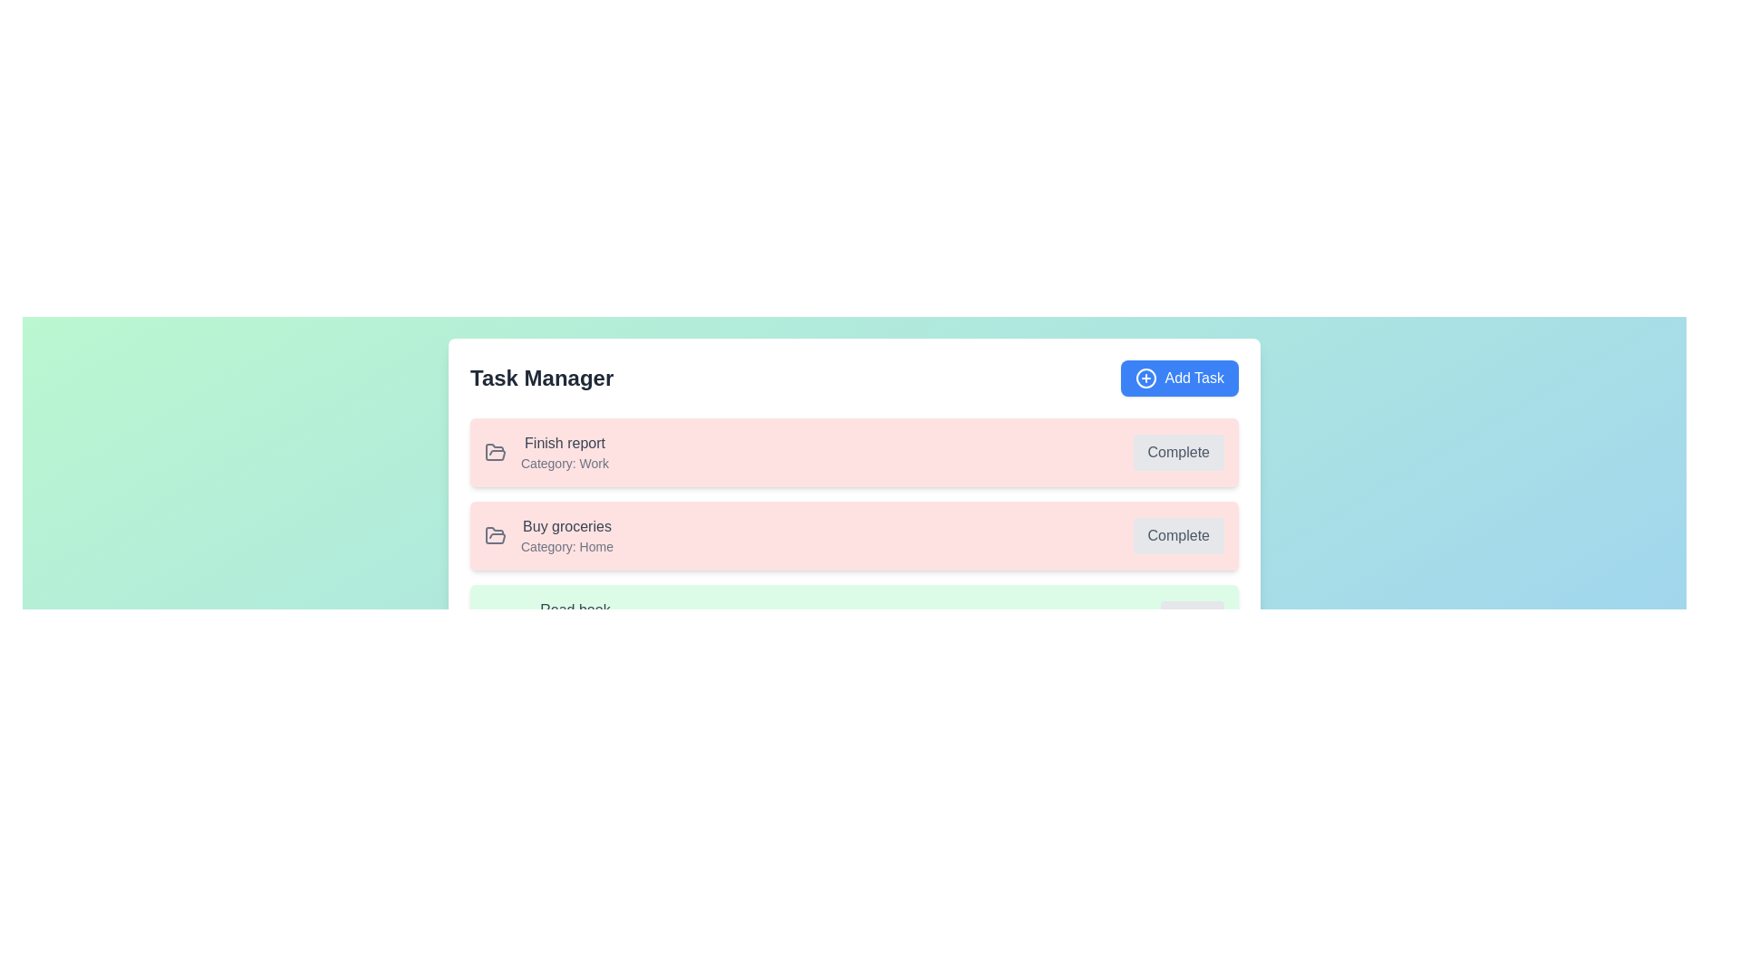 The image size is (1740, 978). What do you see at coordinates (565, 546) in the screenshot?
I see `the text label that categorizes the task 'Buy groceries' as belonging to the 'Home' category` at bounding box center [565, 546].